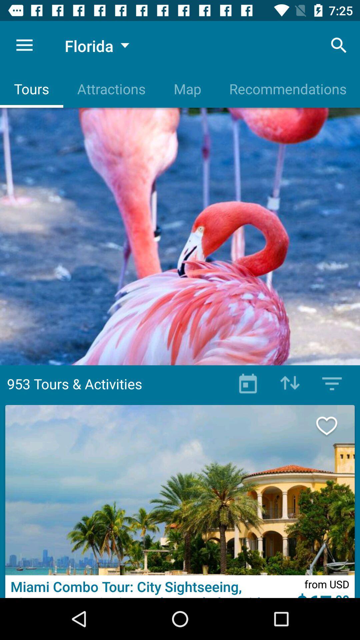 Image resolution: width=360 pixels, height=640 pixels. What do you see at coordinates (334, 425) in the screenshot?
I see `see next` at bounding box center [334, 425].